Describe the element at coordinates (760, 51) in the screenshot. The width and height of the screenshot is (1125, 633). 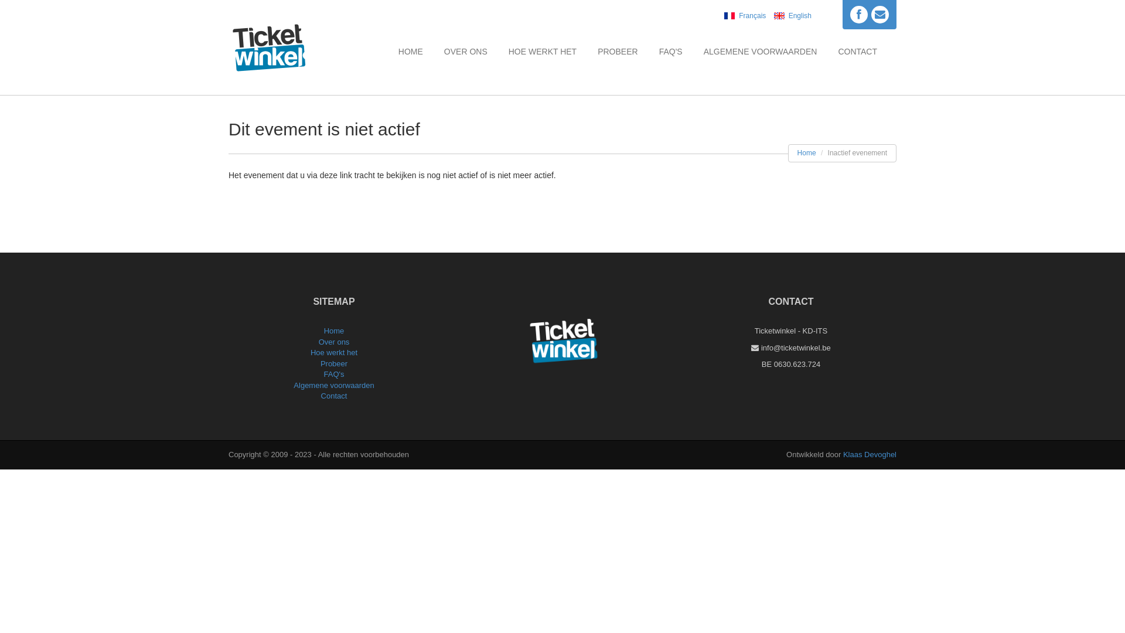
I see `'ALGEMENE VOORWAARDEN'` at that location.